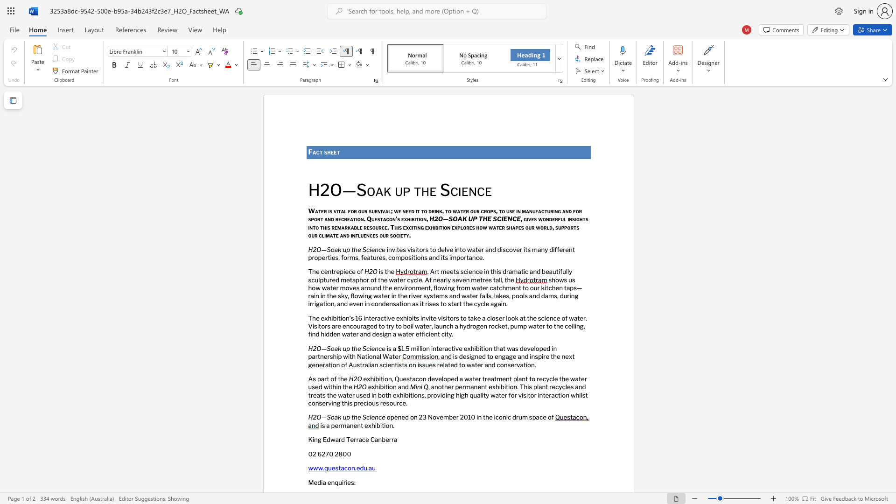  Describe the element at coordinates (387, 387) in the screenshot. I see `the space between the continuous character "t" and "i" in the text` at that location.